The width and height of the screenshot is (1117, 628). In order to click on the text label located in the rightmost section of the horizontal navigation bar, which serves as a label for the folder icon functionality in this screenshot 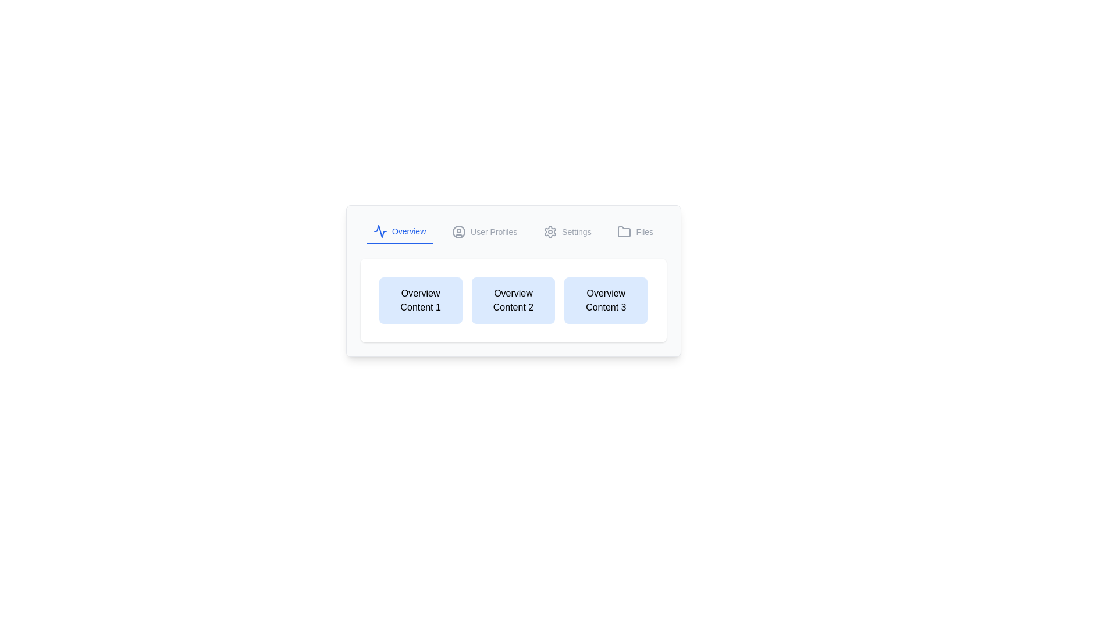, I will do `click(644, 231)`.